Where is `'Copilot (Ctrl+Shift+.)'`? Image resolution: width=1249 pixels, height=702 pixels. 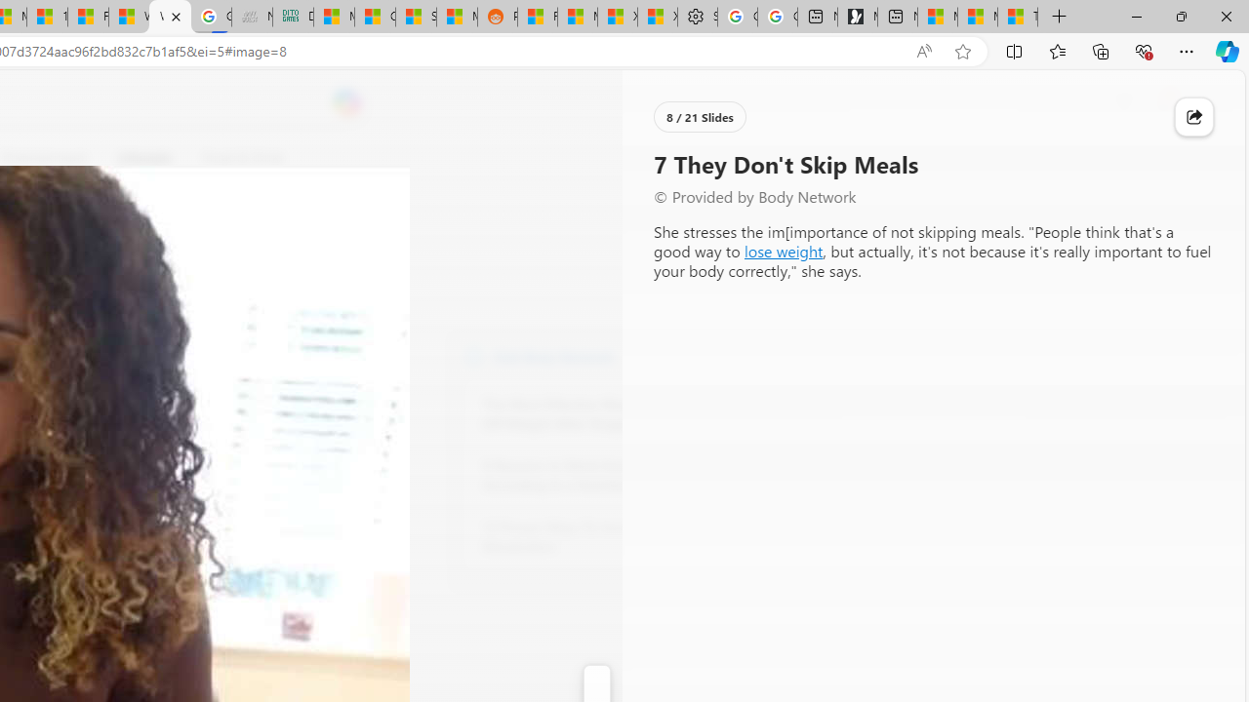 'Copilot (Ctrl+Shift+.)' is located at coordinates (1227, 50).